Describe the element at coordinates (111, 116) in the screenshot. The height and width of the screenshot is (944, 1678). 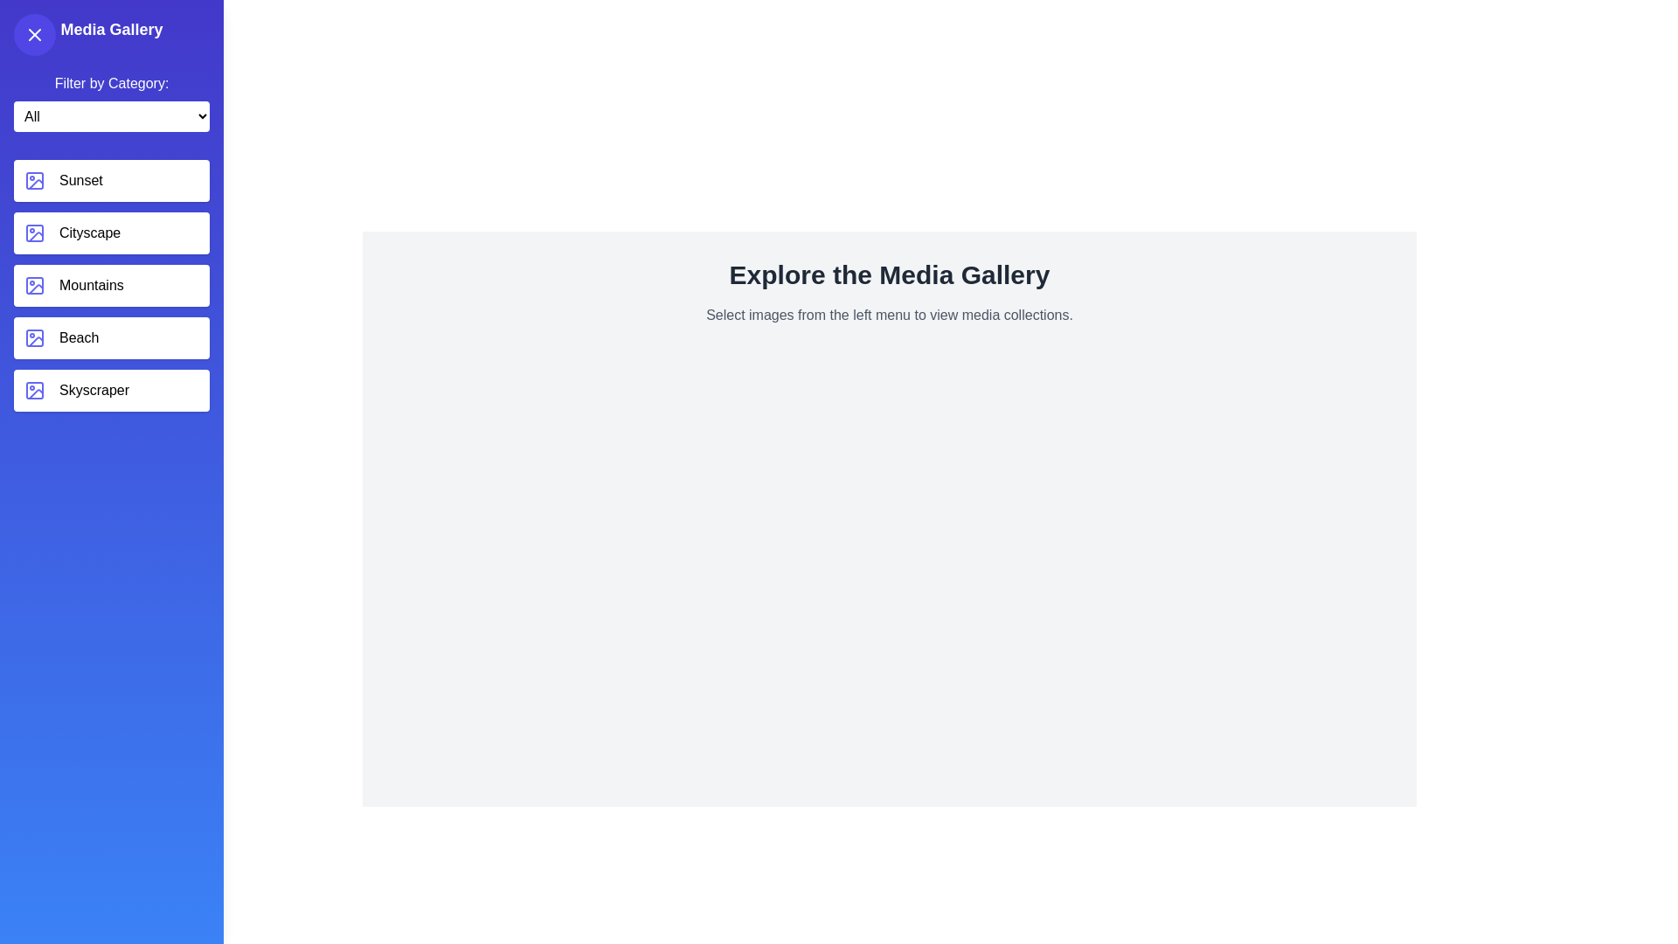
I see `the filter category All from the dropdown menu` at that location.